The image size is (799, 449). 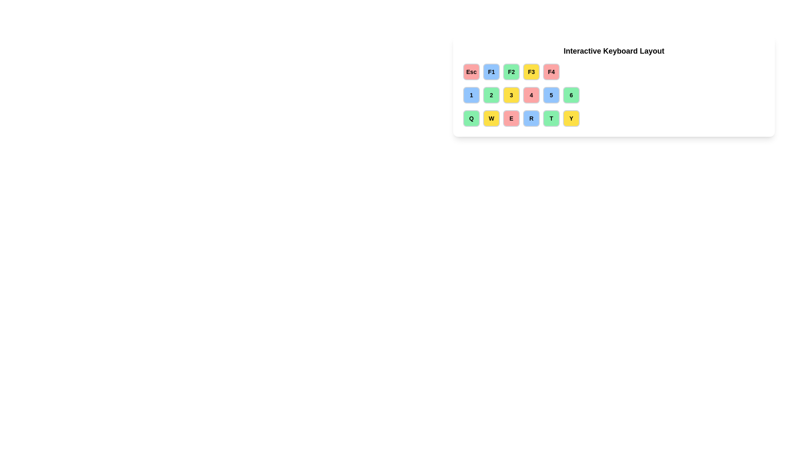 What do you see at coordinates (491, 118) in the screenshot?
I see `the yellow square button with rounded corners and a gray border that contains a bold, black letter 'W', located as the second button in the third row of the keyboard layout` at bounding box center [491, 118].